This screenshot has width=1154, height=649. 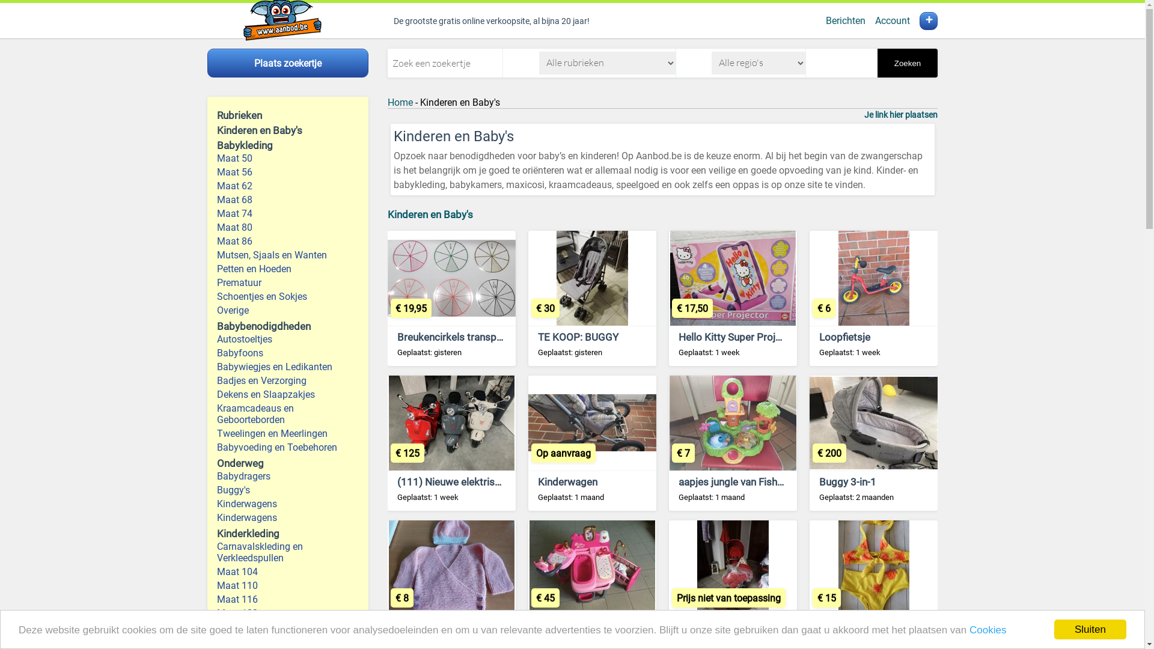 I want to click on 'Carnavalskleding en Verkleedspullen', so click(x=287, y=552).